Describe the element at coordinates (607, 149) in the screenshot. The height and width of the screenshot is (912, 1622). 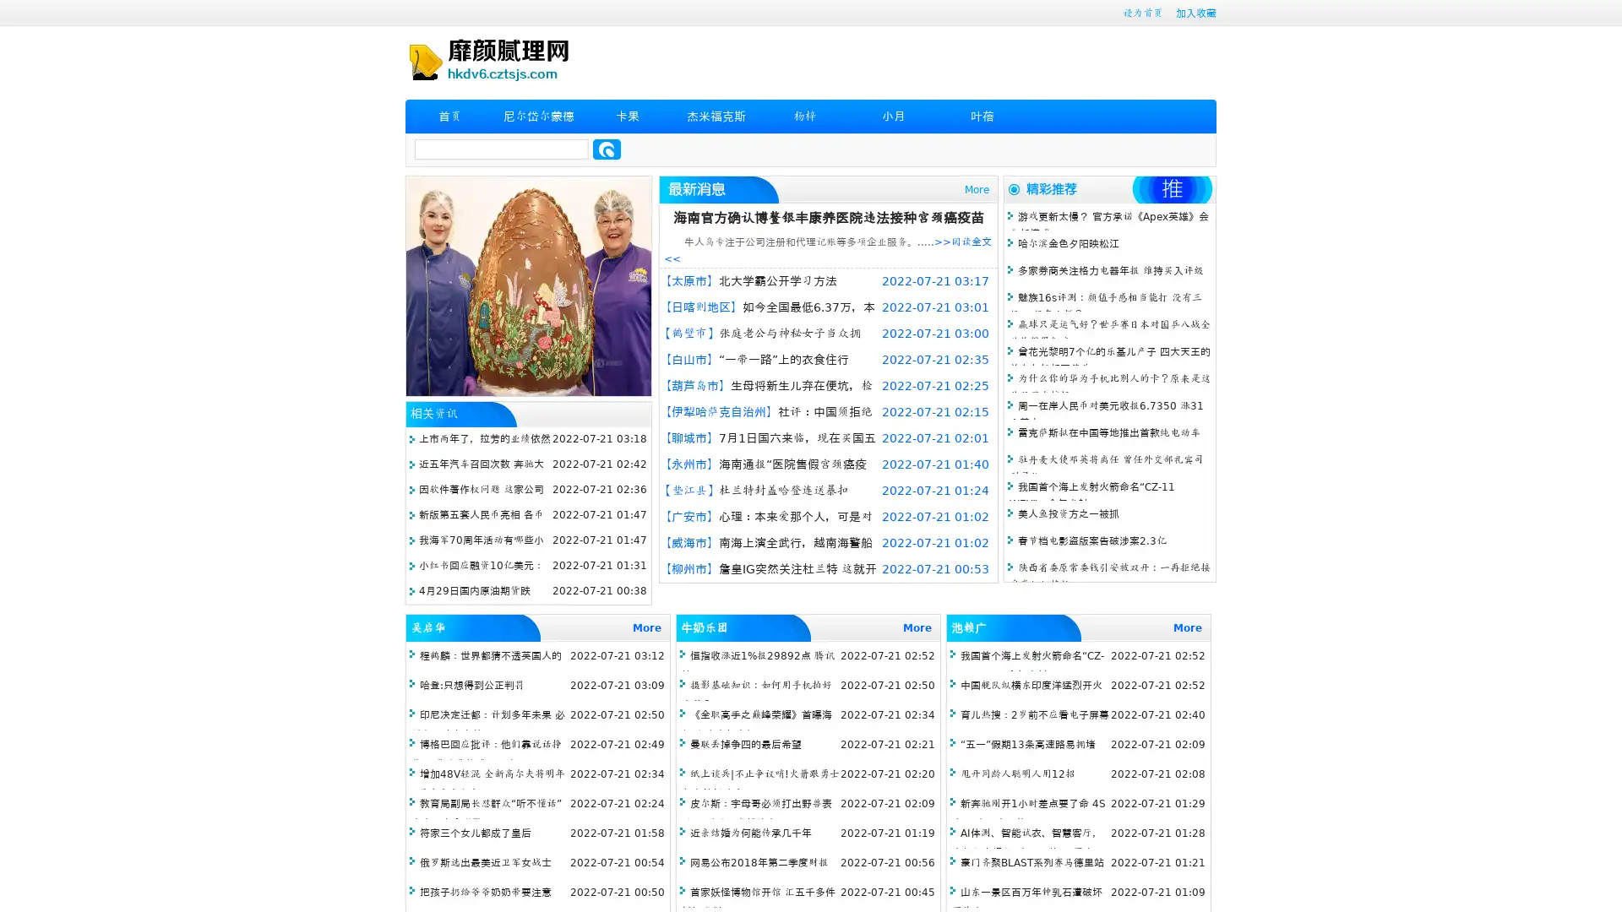
I see `Search` at that location.